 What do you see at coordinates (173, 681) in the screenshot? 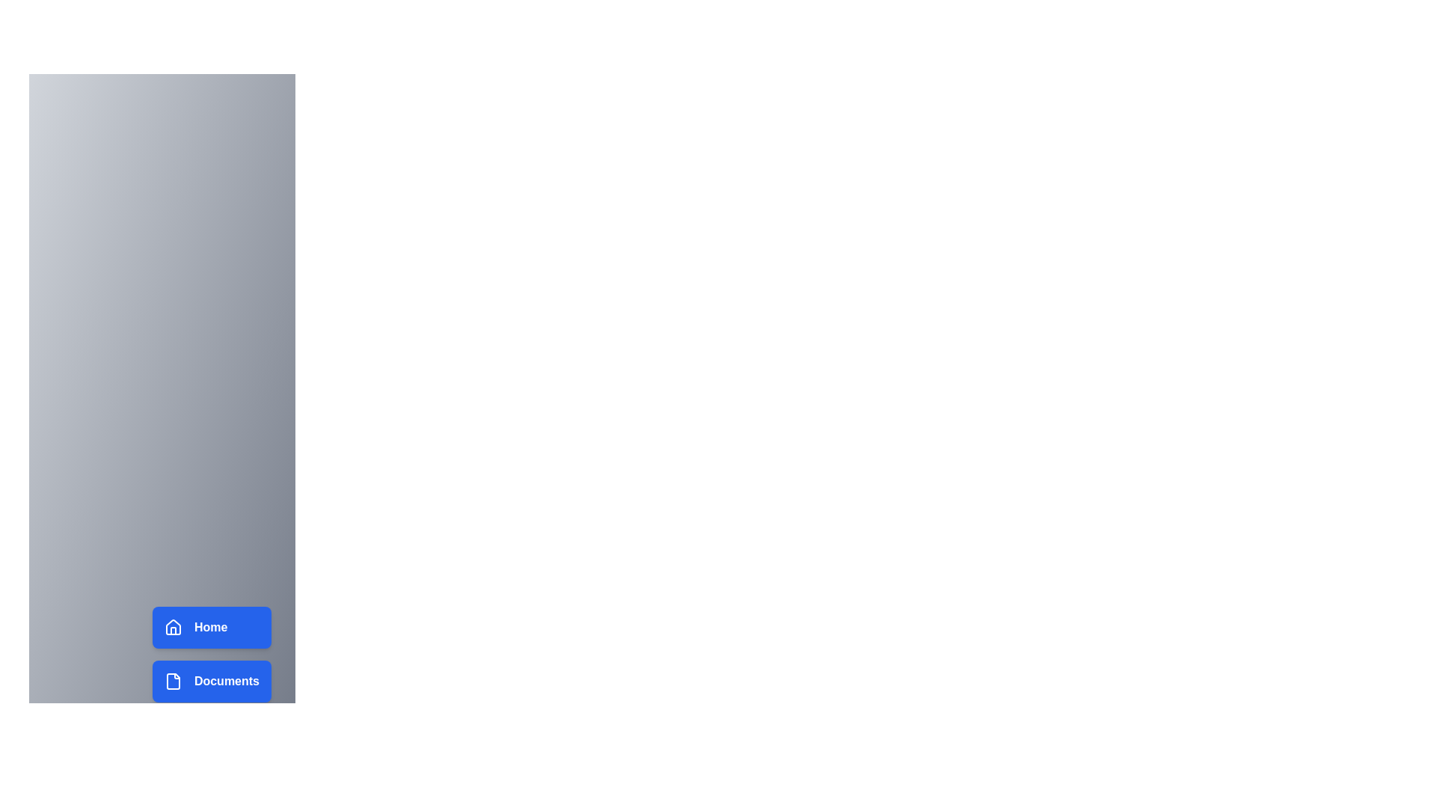
I see `the 'Documents' icon located on the bottom-left corner of the interface, which is part of the button labeled 'Documents'` at bounding box center [173, 681].